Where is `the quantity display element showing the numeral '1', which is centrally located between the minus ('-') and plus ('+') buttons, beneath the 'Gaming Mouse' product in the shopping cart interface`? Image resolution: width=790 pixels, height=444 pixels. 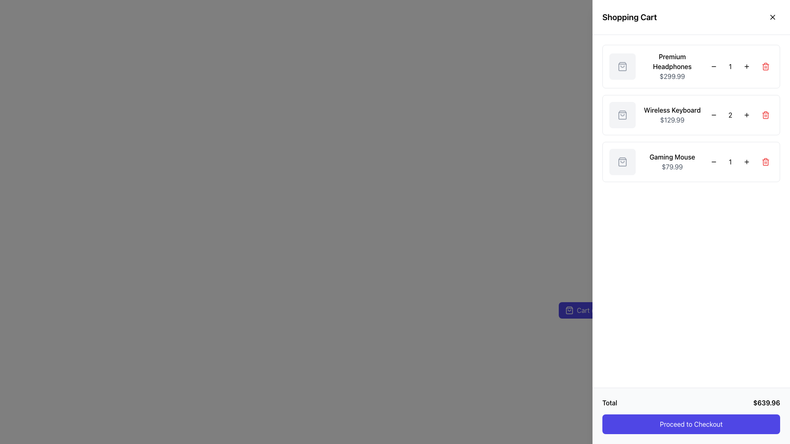 the quantity display element showing the numeral '1', which is centrally located between the minus ('-') and plus ('+') buttons, beneath the 'Gaming Mouse' product in the shopping cart interface is located at coordinates (730, 162).